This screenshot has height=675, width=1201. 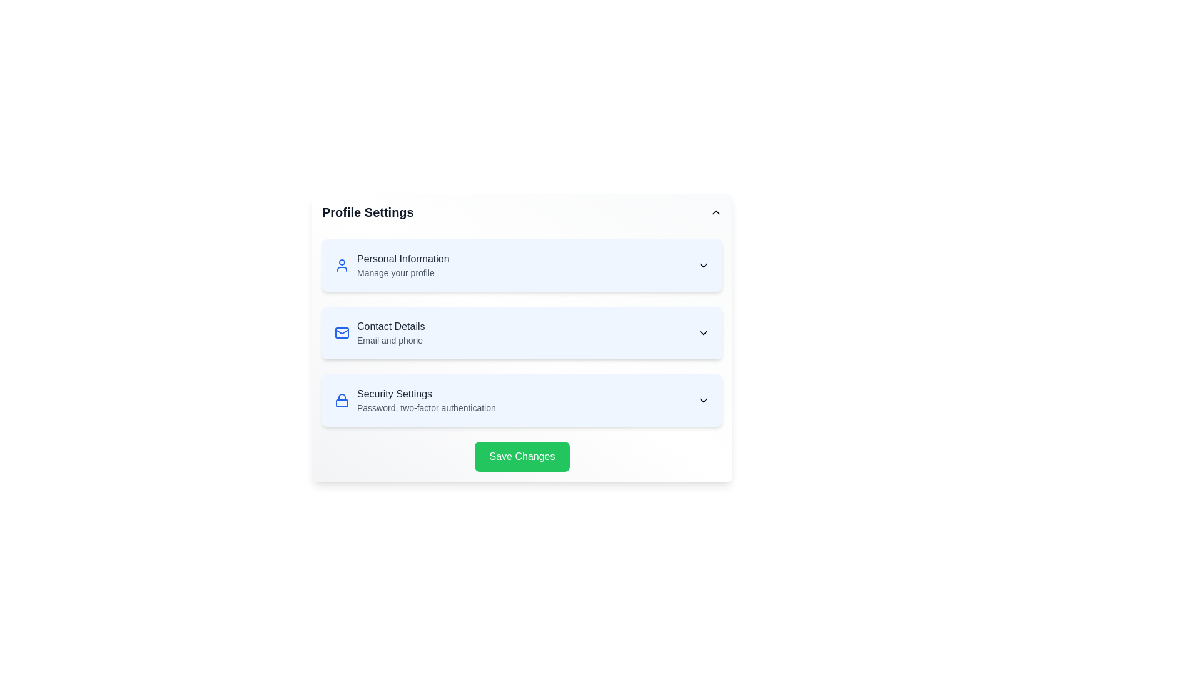 What do you see at coordinates (522, 332) in the screenshot?
I see `the second expandable section under 'Profile Settings', which displays contact information details` at bounding box center [522, 332].